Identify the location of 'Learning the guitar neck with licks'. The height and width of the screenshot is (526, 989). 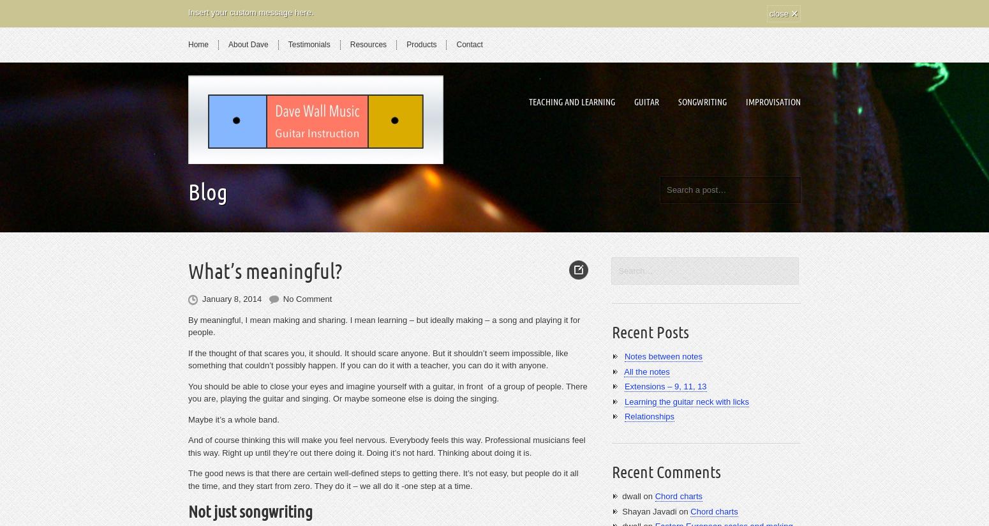
(687, 400).